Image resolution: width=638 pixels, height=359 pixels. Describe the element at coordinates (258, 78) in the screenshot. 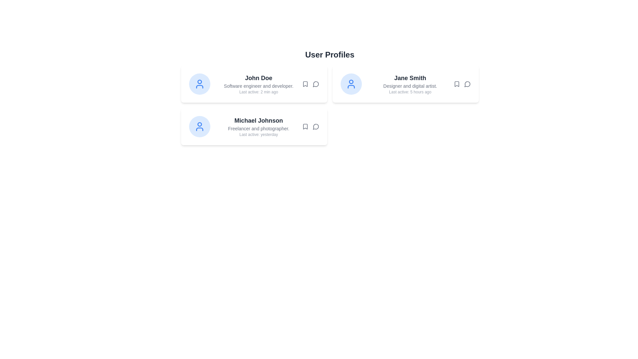

I see `the user name text label in the top left profile card within the grid of profiles` at that location.